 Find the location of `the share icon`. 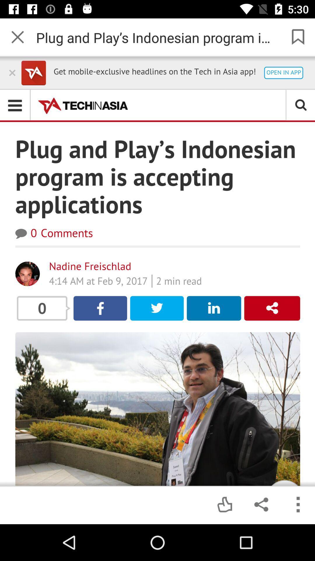

the share icon is located at coordinates (260, 505).